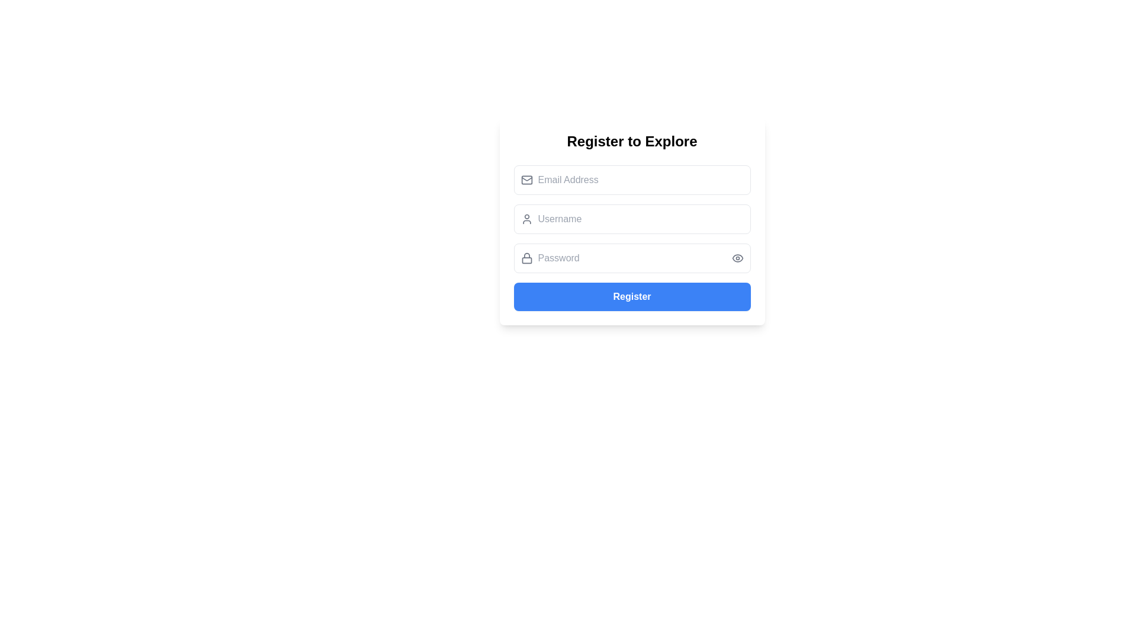 This screenshot has height=640, width=1137. What do you see at coordinates (631, 222) in the screenshot?
I see `on the username input field located below the 'Register` at bounding box center [631, 222].